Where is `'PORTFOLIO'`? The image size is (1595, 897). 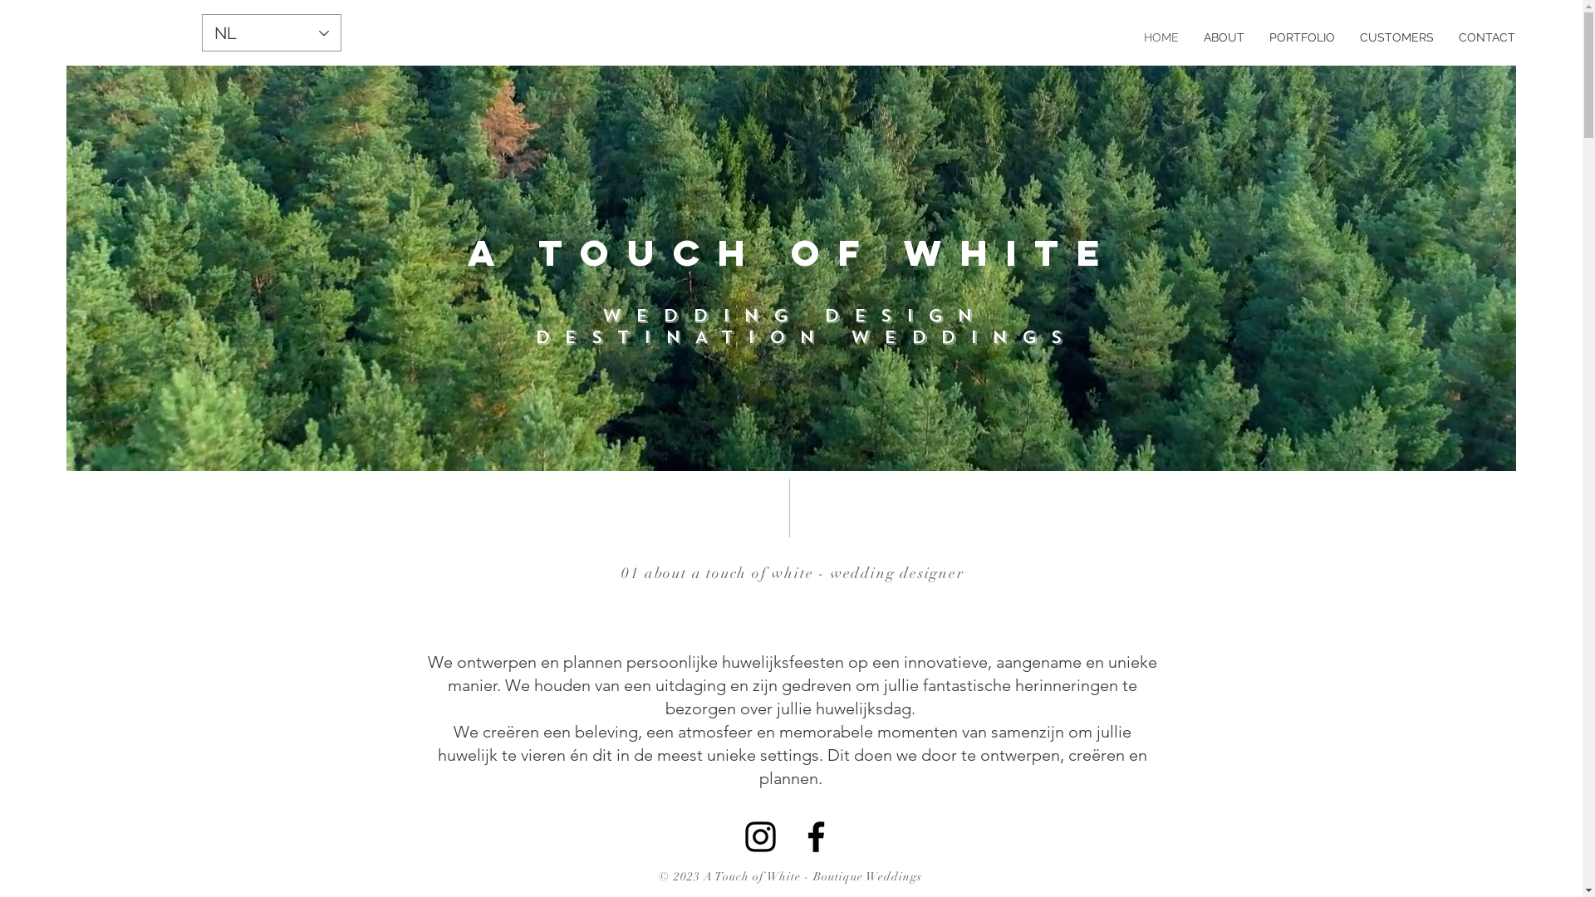
'PORTFOLIO' is located at coordinates (1301, 37).